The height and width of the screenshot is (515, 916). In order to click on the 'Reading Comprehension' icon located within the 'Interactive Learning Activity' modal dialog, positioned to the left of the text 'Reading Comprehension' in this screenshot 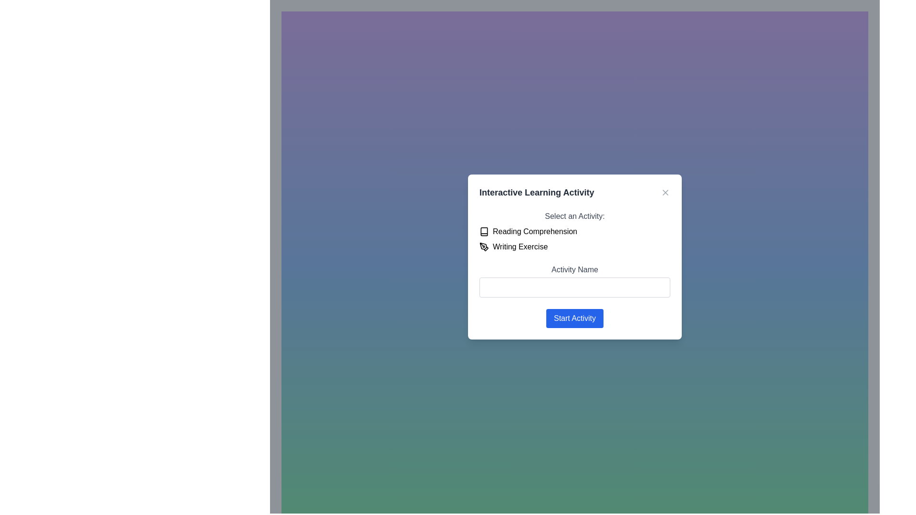, I will do `click(484, 231)`.